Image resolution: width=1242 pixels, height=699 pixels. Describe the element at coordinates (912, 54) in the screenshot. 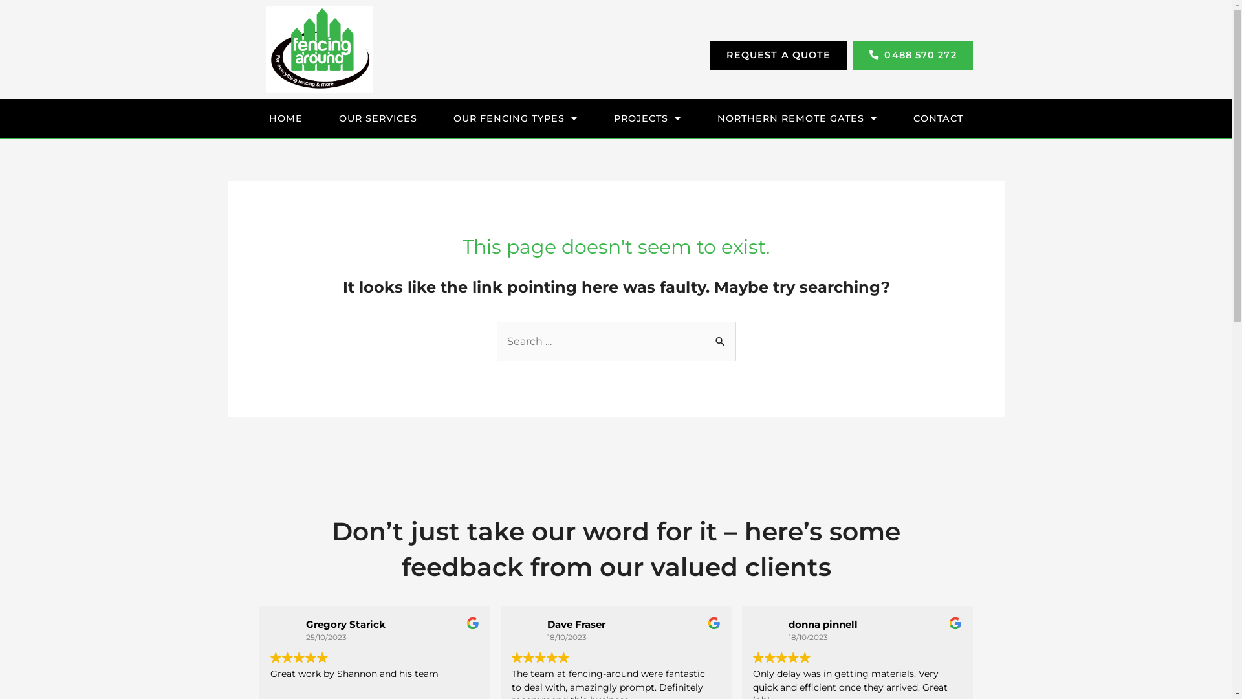

I see `'0488 570 272'` at that location.